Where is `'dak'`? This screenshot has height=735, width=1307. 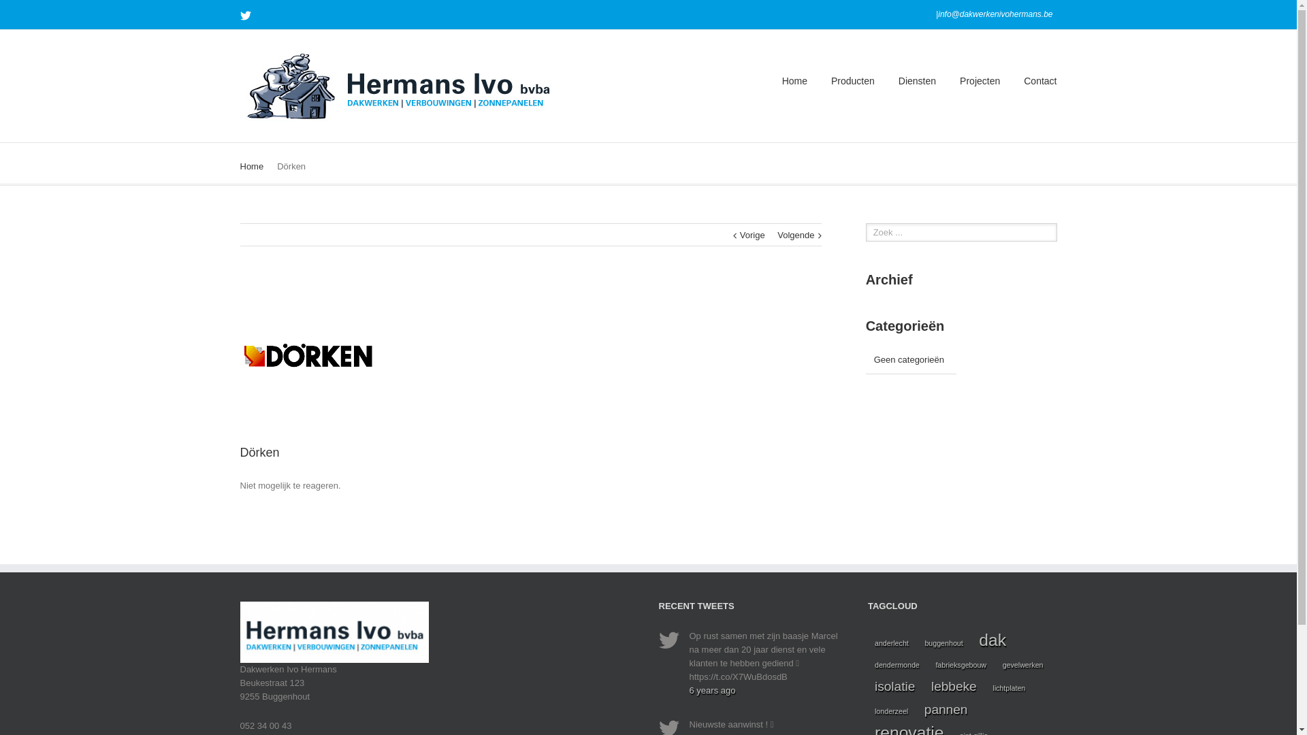 'dak' is located at coordinates (993, 640).